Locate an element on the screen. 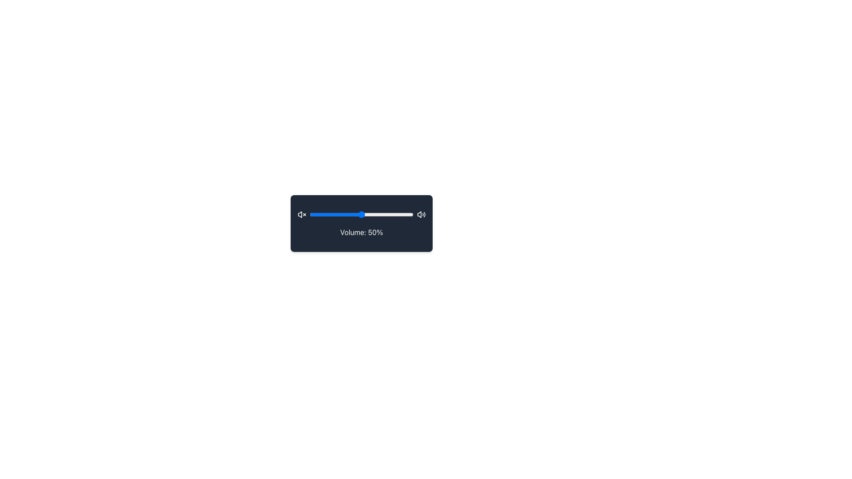 The width and height of the screenshot is (852, 479). the volume level is located at coordinates (369, 214).